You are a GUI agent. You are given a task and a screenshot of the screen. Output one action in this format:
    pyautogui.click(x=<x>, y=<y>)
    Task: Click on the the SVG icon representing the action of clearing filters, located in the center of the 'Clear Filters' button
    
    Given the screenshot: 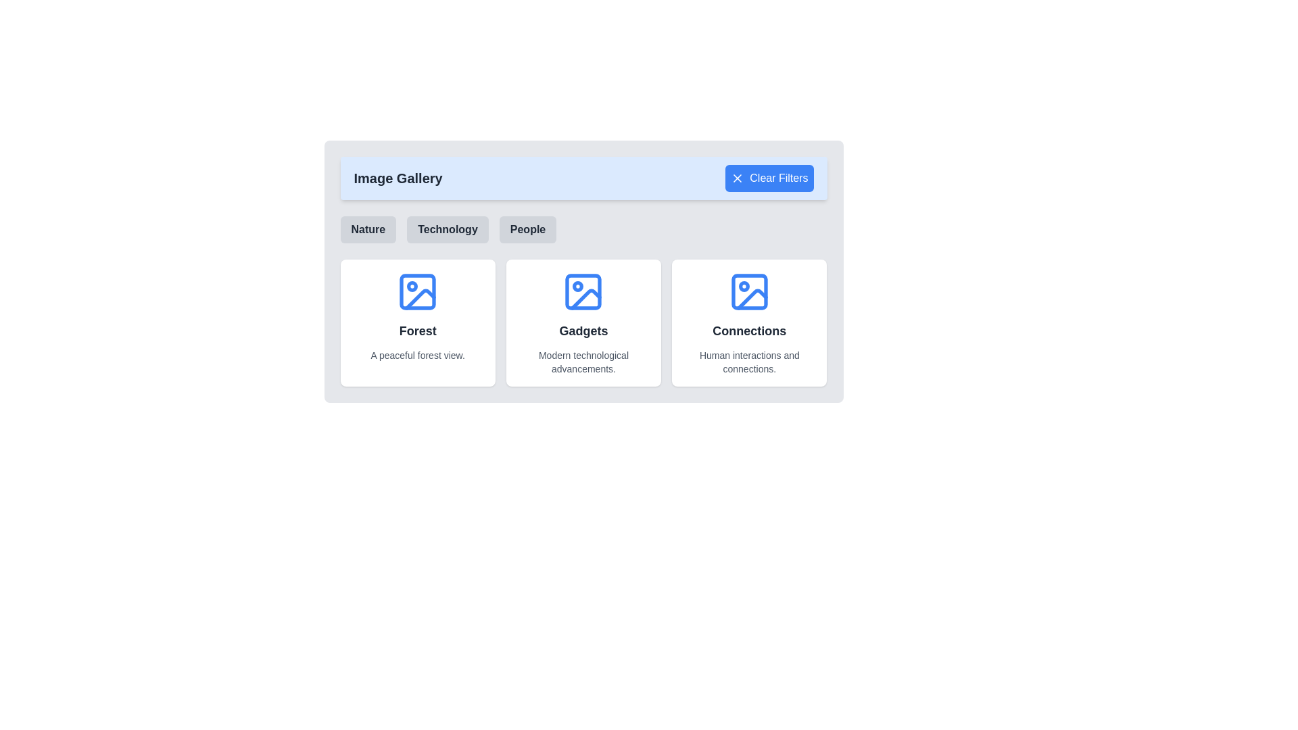 What is the action you would take?
    pyautogui.click(x=737, y=177)
    